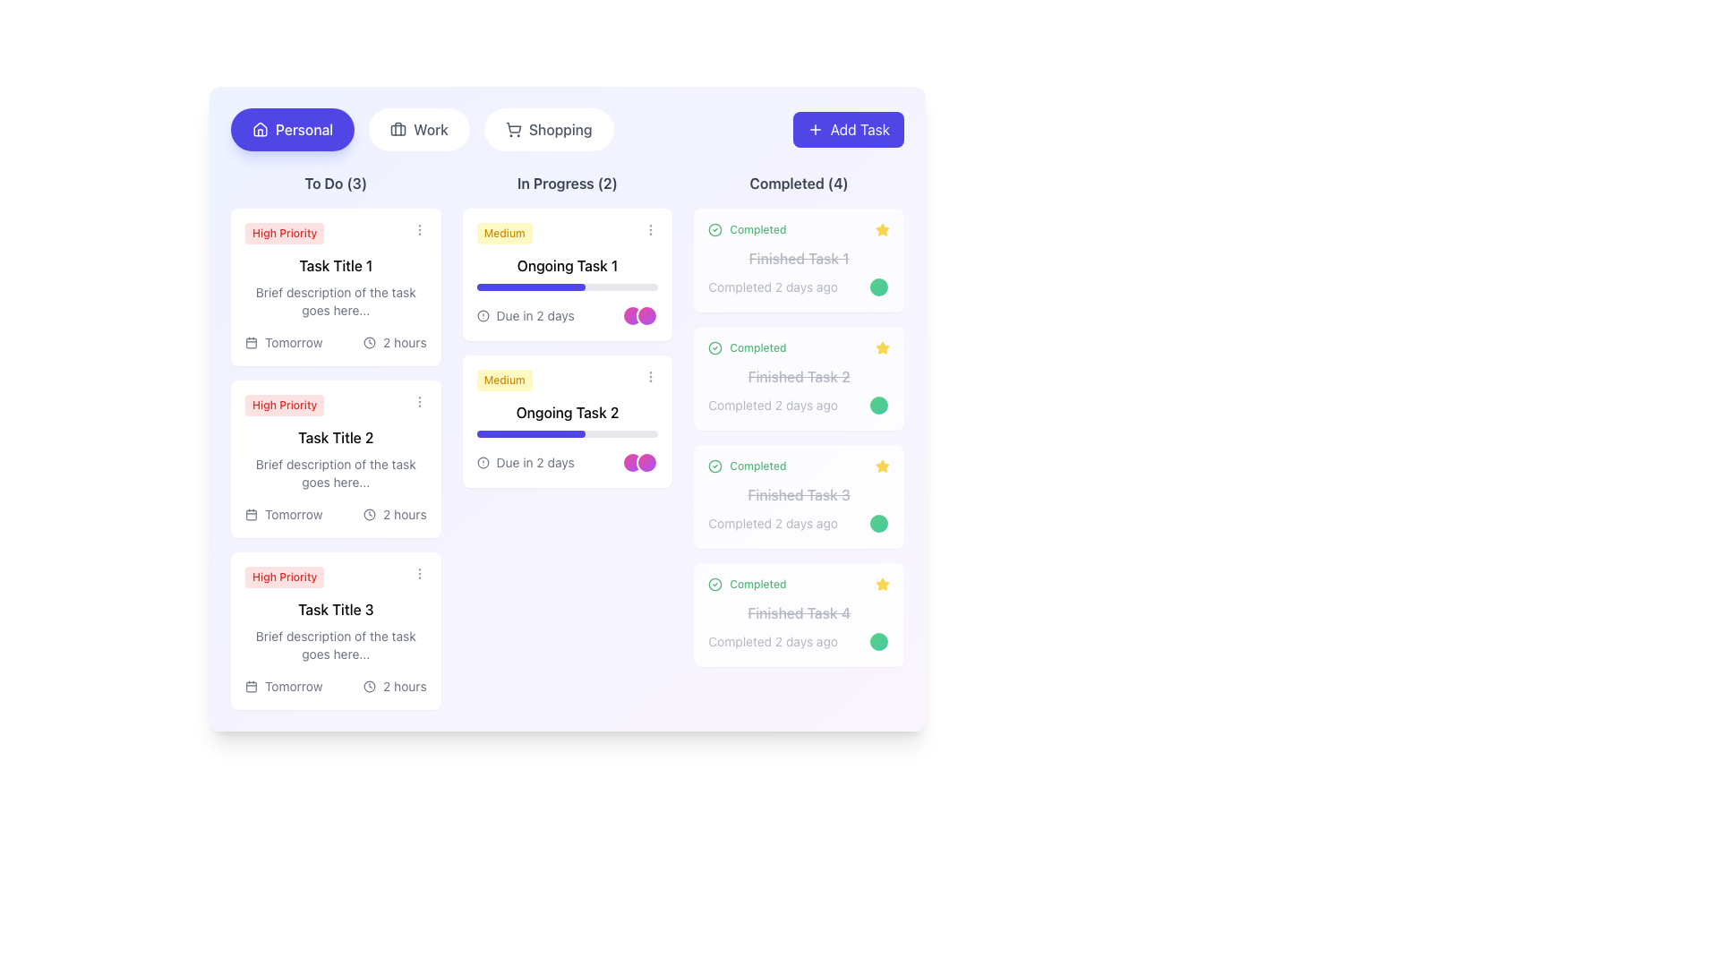 The height and width of the screenshot is (967, 1719). What do you see at coordinates (294, 686) in the screenshot?
I see `the text label displaying the due date for the task in the last card of the 'To Do' column, positioned below the calendar icon and aligned with the '2 hours' text` at bounding box center [294, 686].